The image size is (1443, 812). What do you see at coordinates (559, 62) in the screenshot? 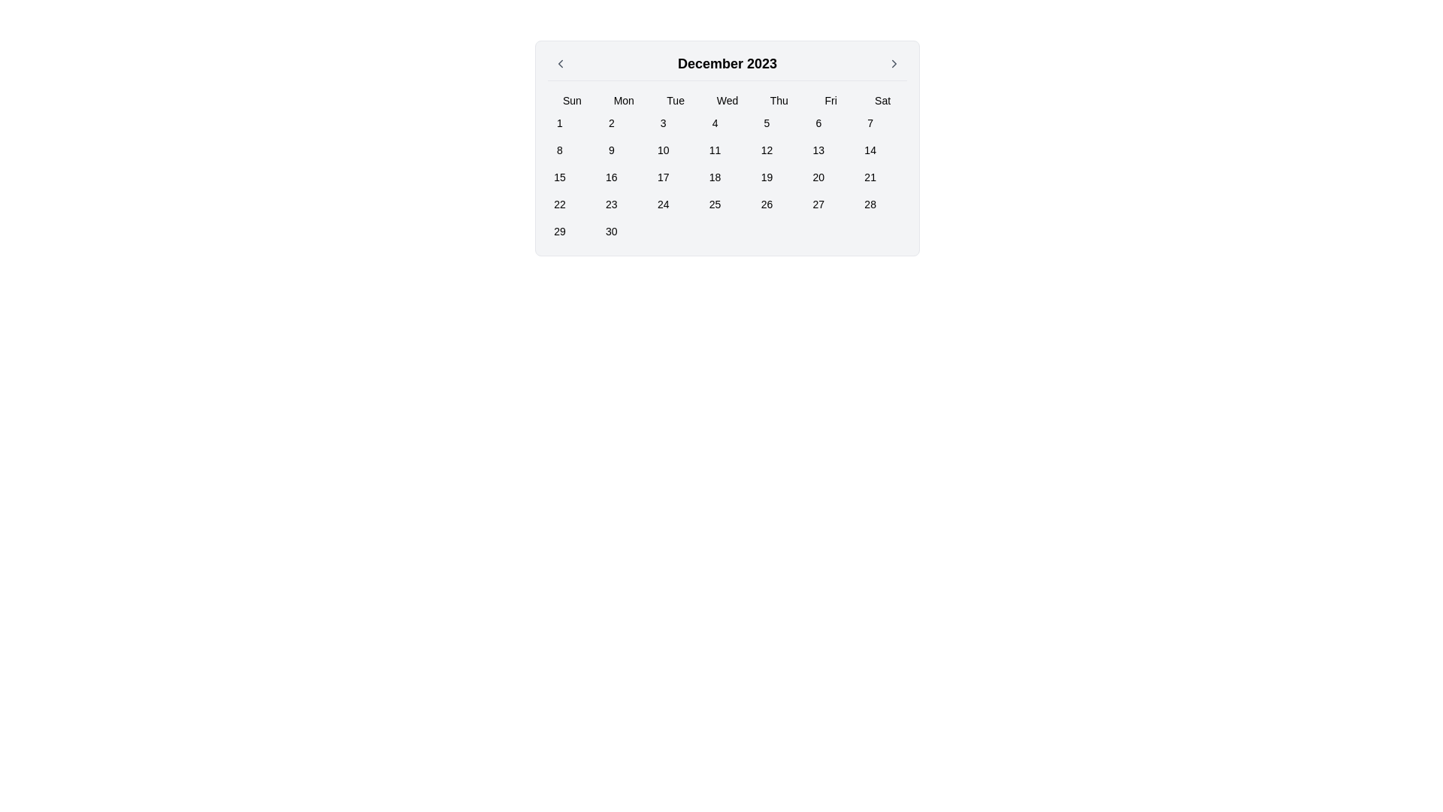
I see `the left-facing chevron icon button in the calendar header` at bounding box center [559, 62].